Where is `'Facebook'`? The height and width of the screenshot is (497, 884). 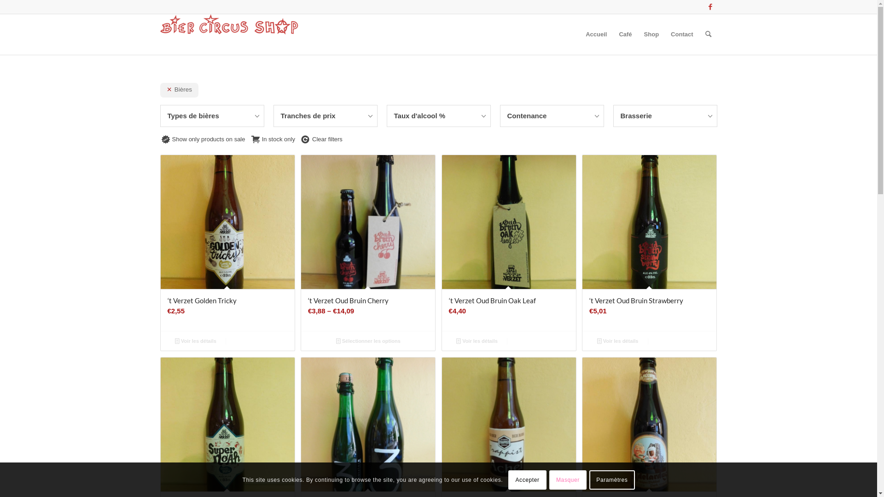 'Facebook' is located at coordinates (710, 7).